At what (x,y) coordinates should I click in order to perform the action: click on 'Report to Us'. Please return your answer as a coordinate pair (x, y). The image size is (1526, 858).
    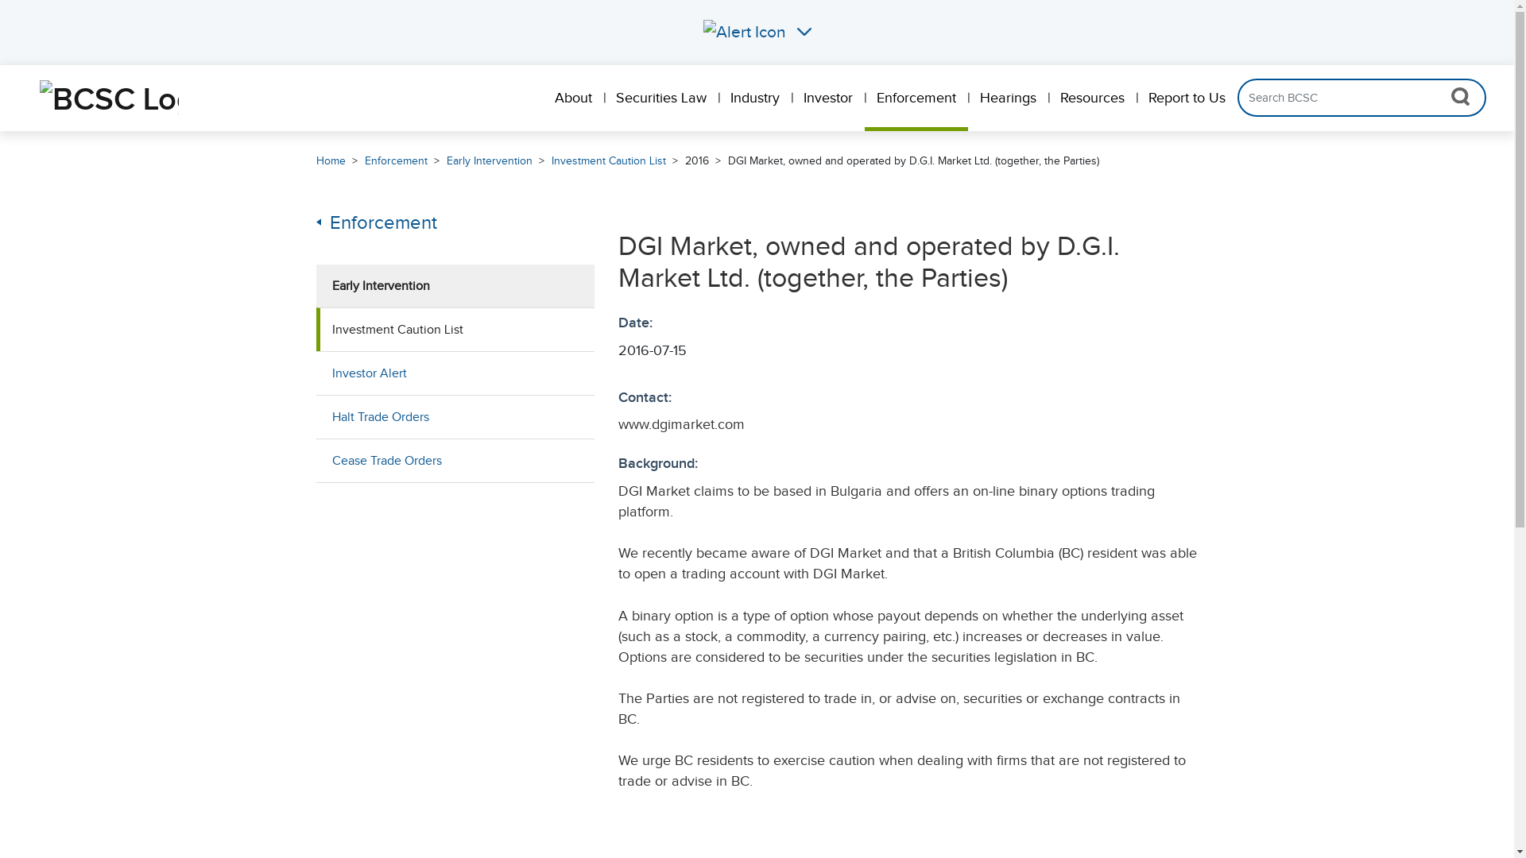
    Looking at the image, I should click on (1187, 98).